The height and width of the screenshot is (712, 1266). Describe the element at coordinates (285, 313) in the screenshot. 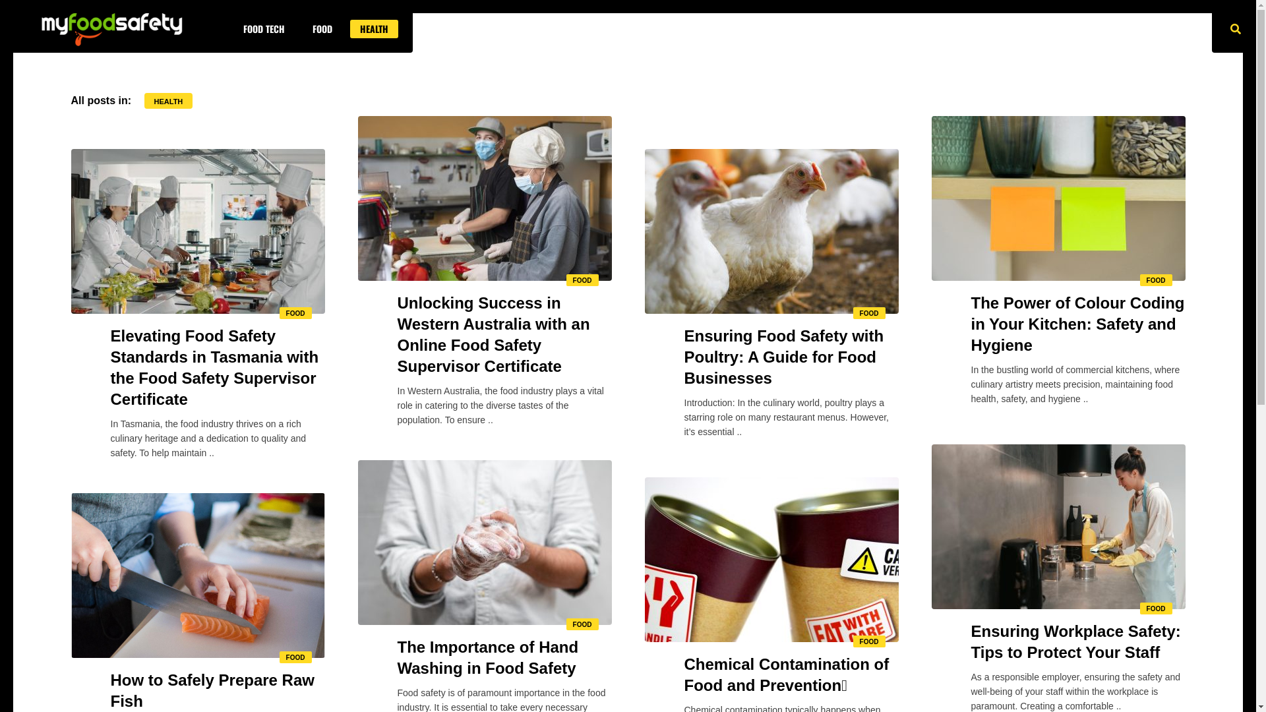

I see `'FOOD'` at that location.